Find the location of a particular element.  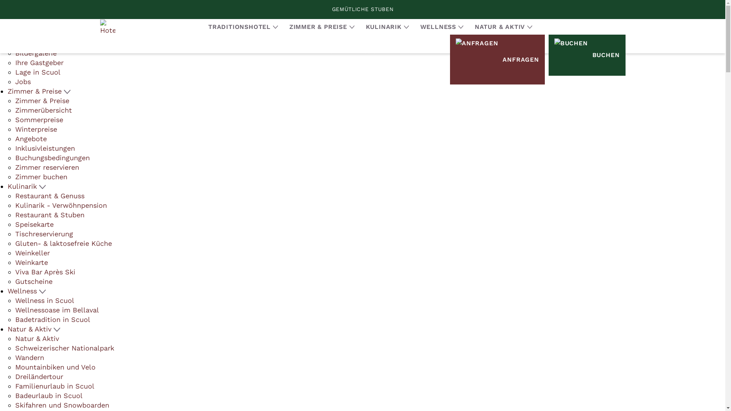

'Restaurant & Stuben' is located at coordinates (49, 215).